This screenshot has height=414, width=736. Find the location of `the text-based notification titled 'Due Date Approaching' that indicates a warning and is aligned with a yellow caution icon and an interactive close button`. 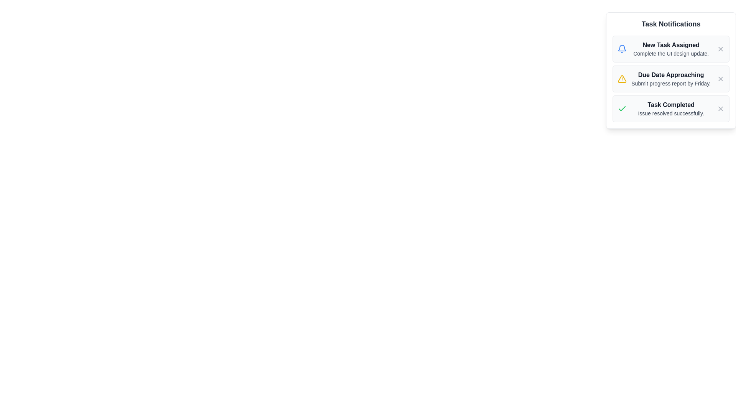

the text-based notification titled 'Due Date Approaching' that indicates a warning and is aligned with a yellow caution icon and an interactive close button is located at coordinates (670, 79).